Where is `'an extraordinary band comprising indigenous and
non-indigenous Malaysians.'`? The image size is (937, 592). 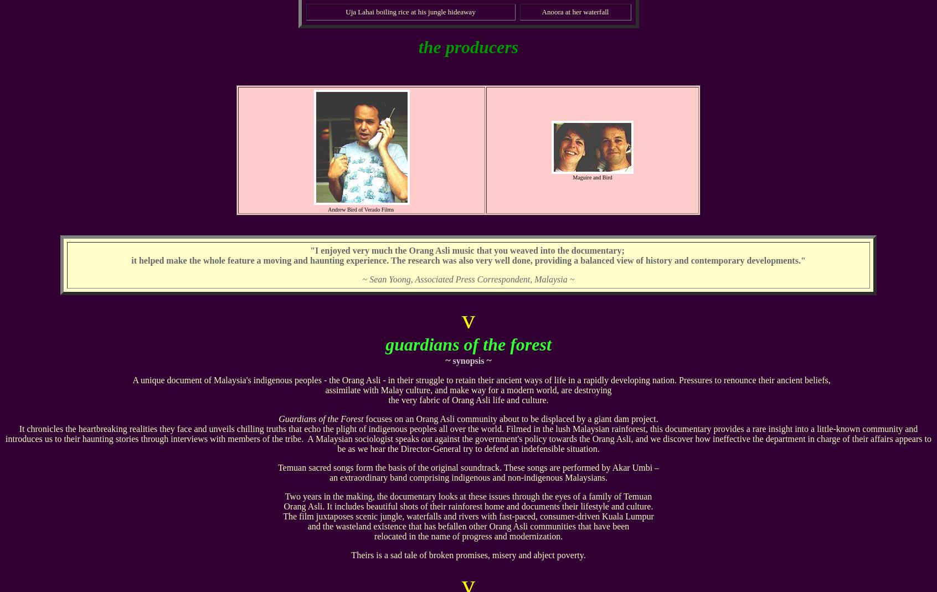
'an extraordinary band comprising indigenous and
non-indigenous Malaysians.' is located at coordinates (328, 477).